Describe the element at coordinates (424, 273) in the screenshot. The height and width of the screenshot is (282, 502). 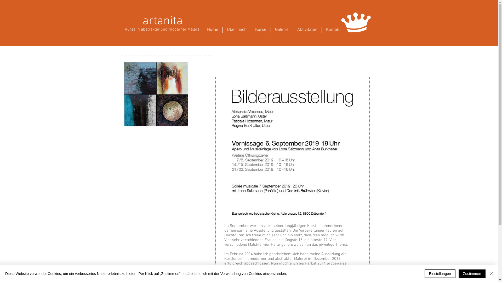
I see `'Einstellungen'` at that location.